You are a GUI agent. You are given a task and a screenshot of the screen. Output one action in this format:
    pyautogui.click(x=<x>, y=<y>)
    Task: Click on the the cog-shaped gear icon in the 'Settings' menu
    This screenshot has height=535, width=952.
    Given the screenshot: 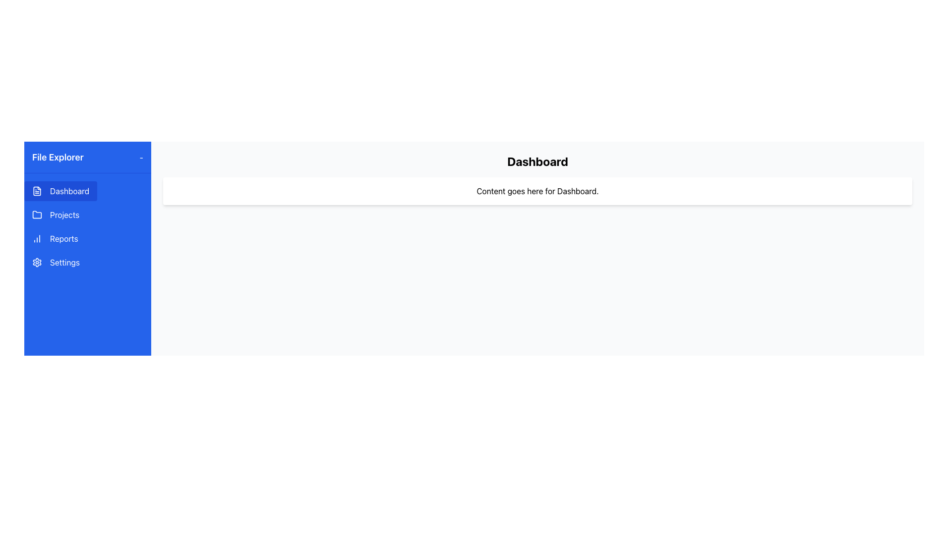 What is the action you would take?
    pyautogui.click(x=37, y=262)
    